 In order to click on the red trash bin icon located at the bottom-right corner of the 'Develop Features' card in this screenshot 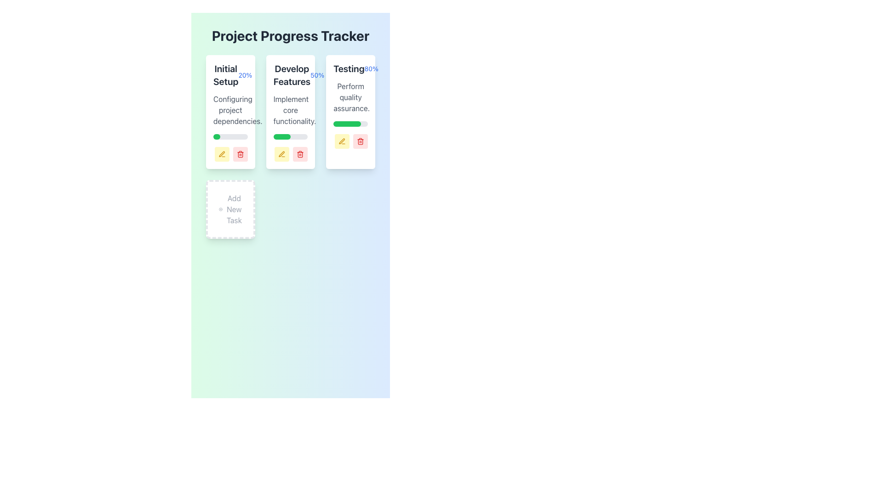, I will do `click(300, 153)`.